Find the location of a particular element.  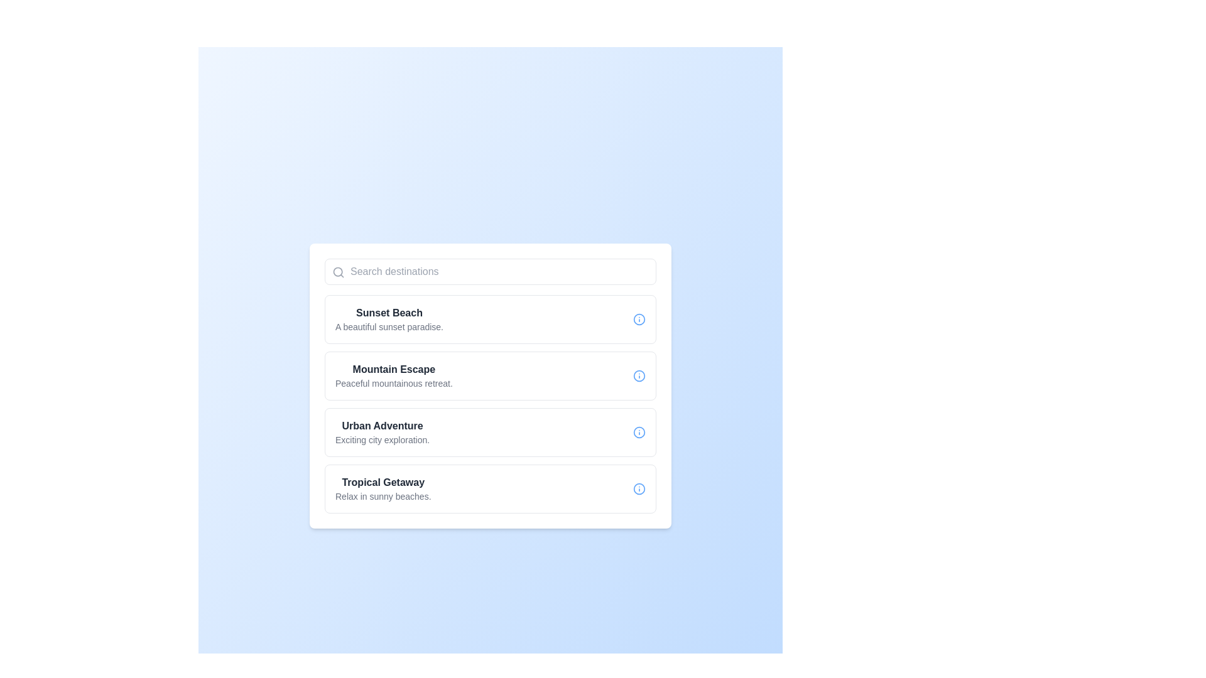

the text label providing additional descriptive information about the 'Tropical Getaway' destination option, located below the bolded text within the fourth card of the vertical list is located at coordinates (383, 495).